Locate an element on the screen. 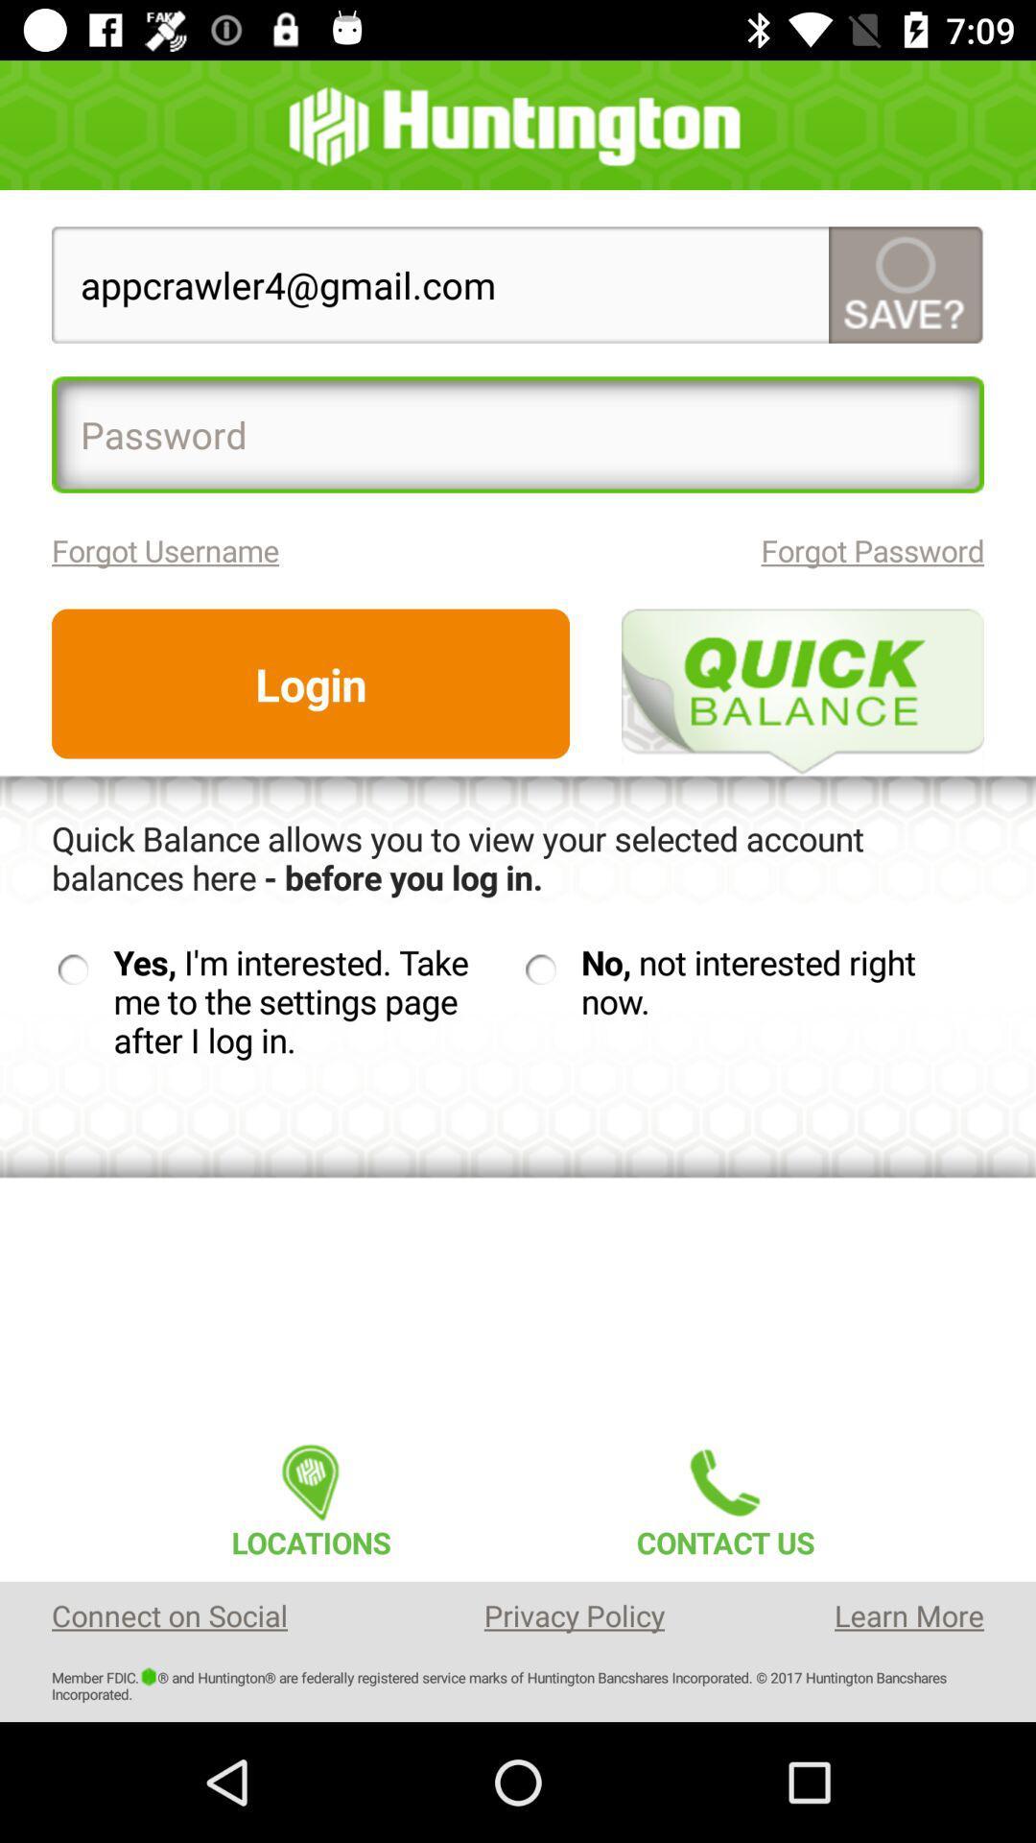 Image resolution: width=1036 pixels, height=1843 pixels. login is located at coordinates (310, 683).